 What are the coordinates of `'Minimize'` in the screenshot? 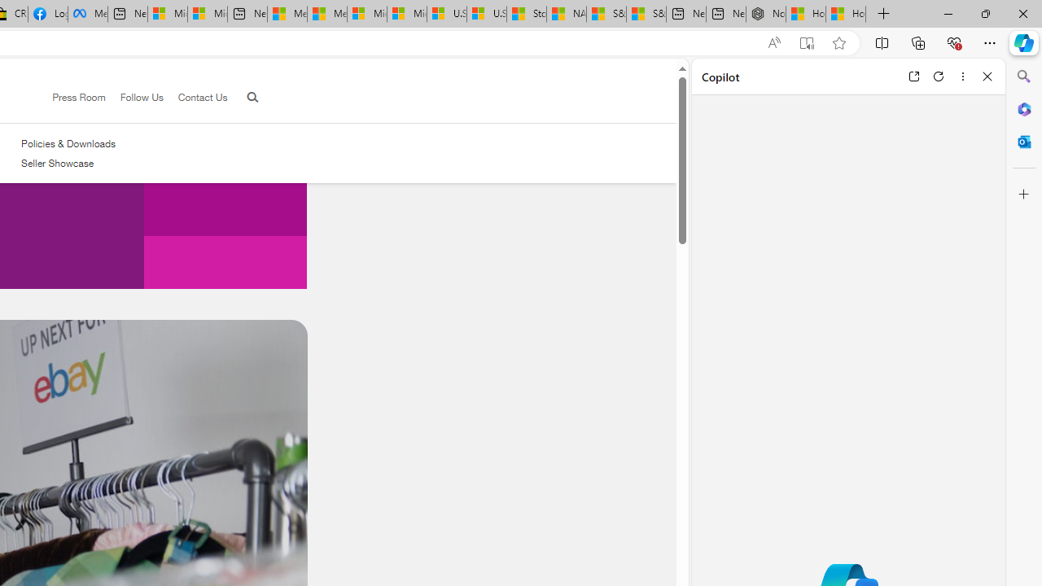 It's located at (948, 13).